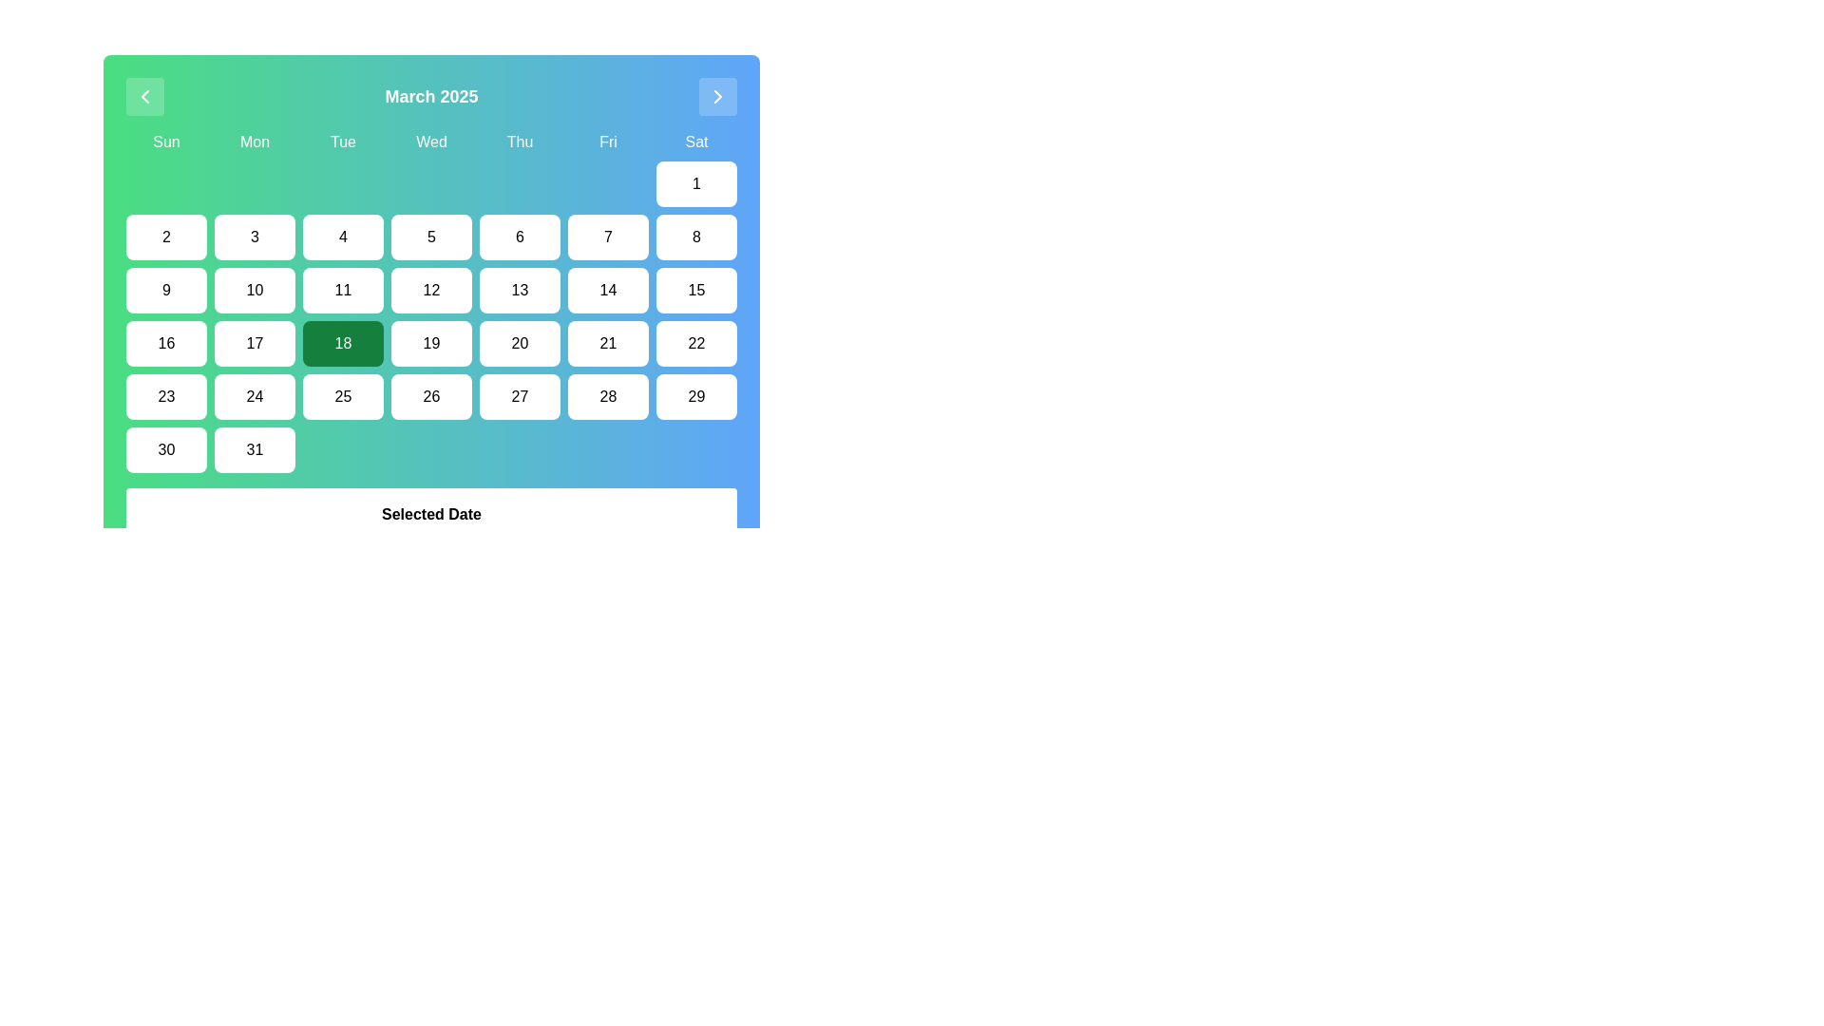  I want to click on the button representing the 12th day of the month in the calendar interface, located in the fourth column under the 'Wed' header to trigger the hover effect, so click(430, 290).